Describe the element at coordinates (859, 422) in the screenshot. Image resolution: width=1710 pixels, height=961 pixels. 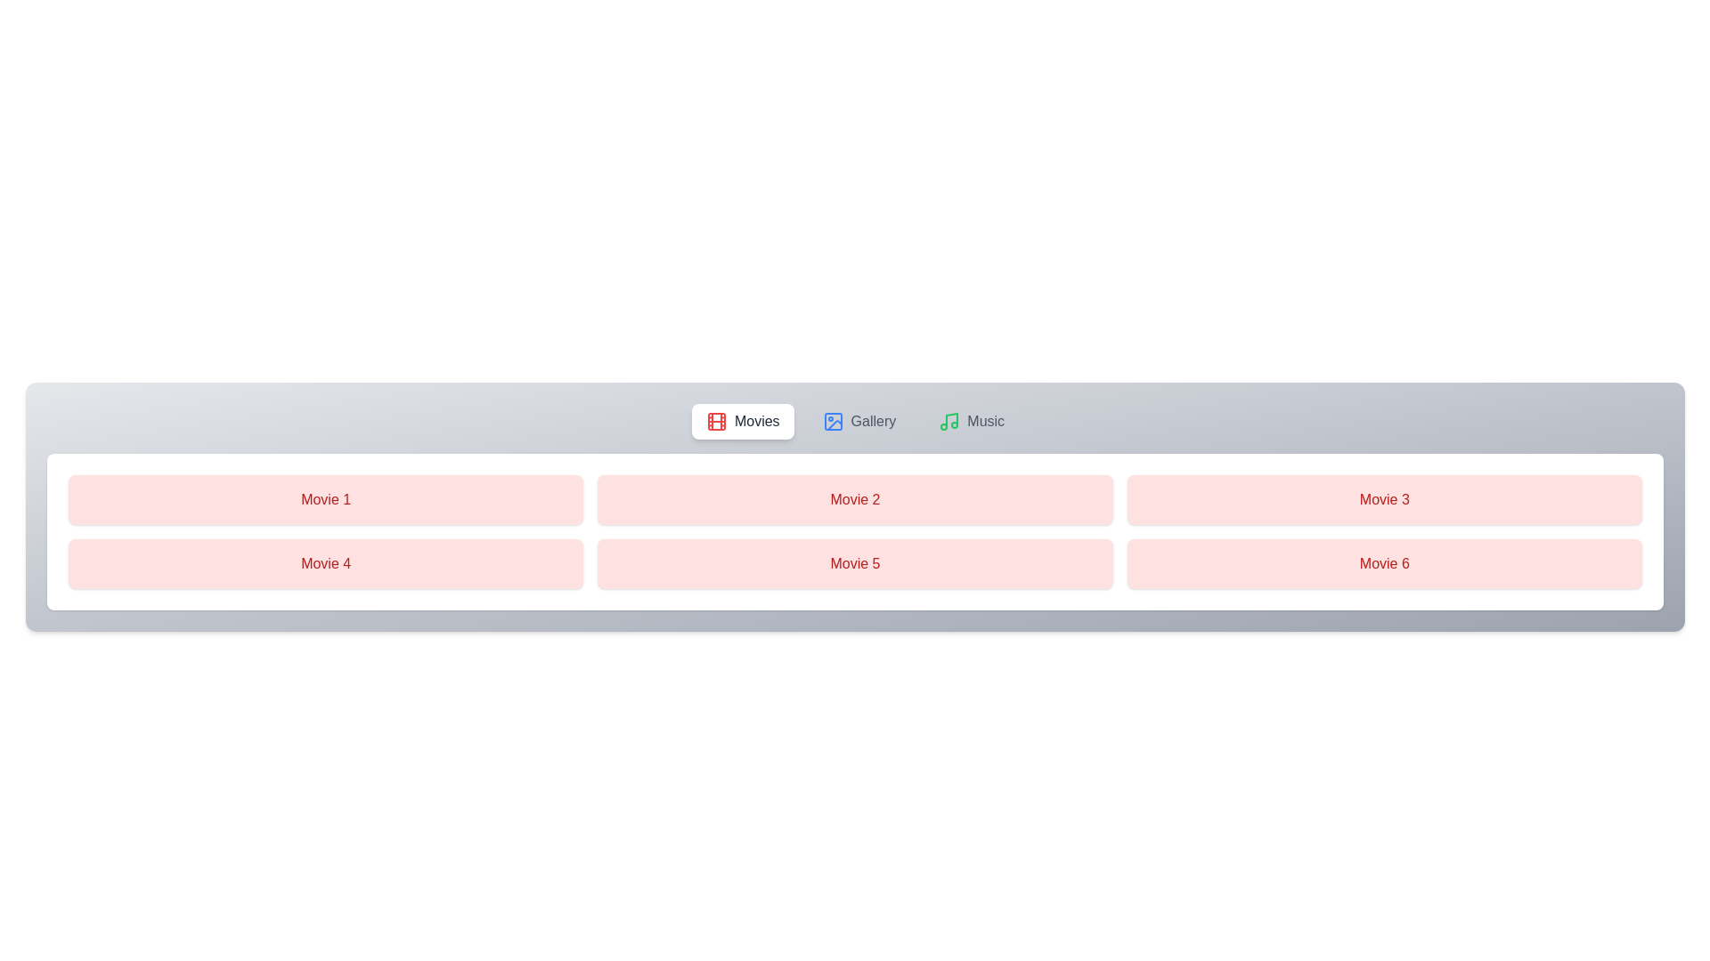
I see `the Gallery tab` at that location.